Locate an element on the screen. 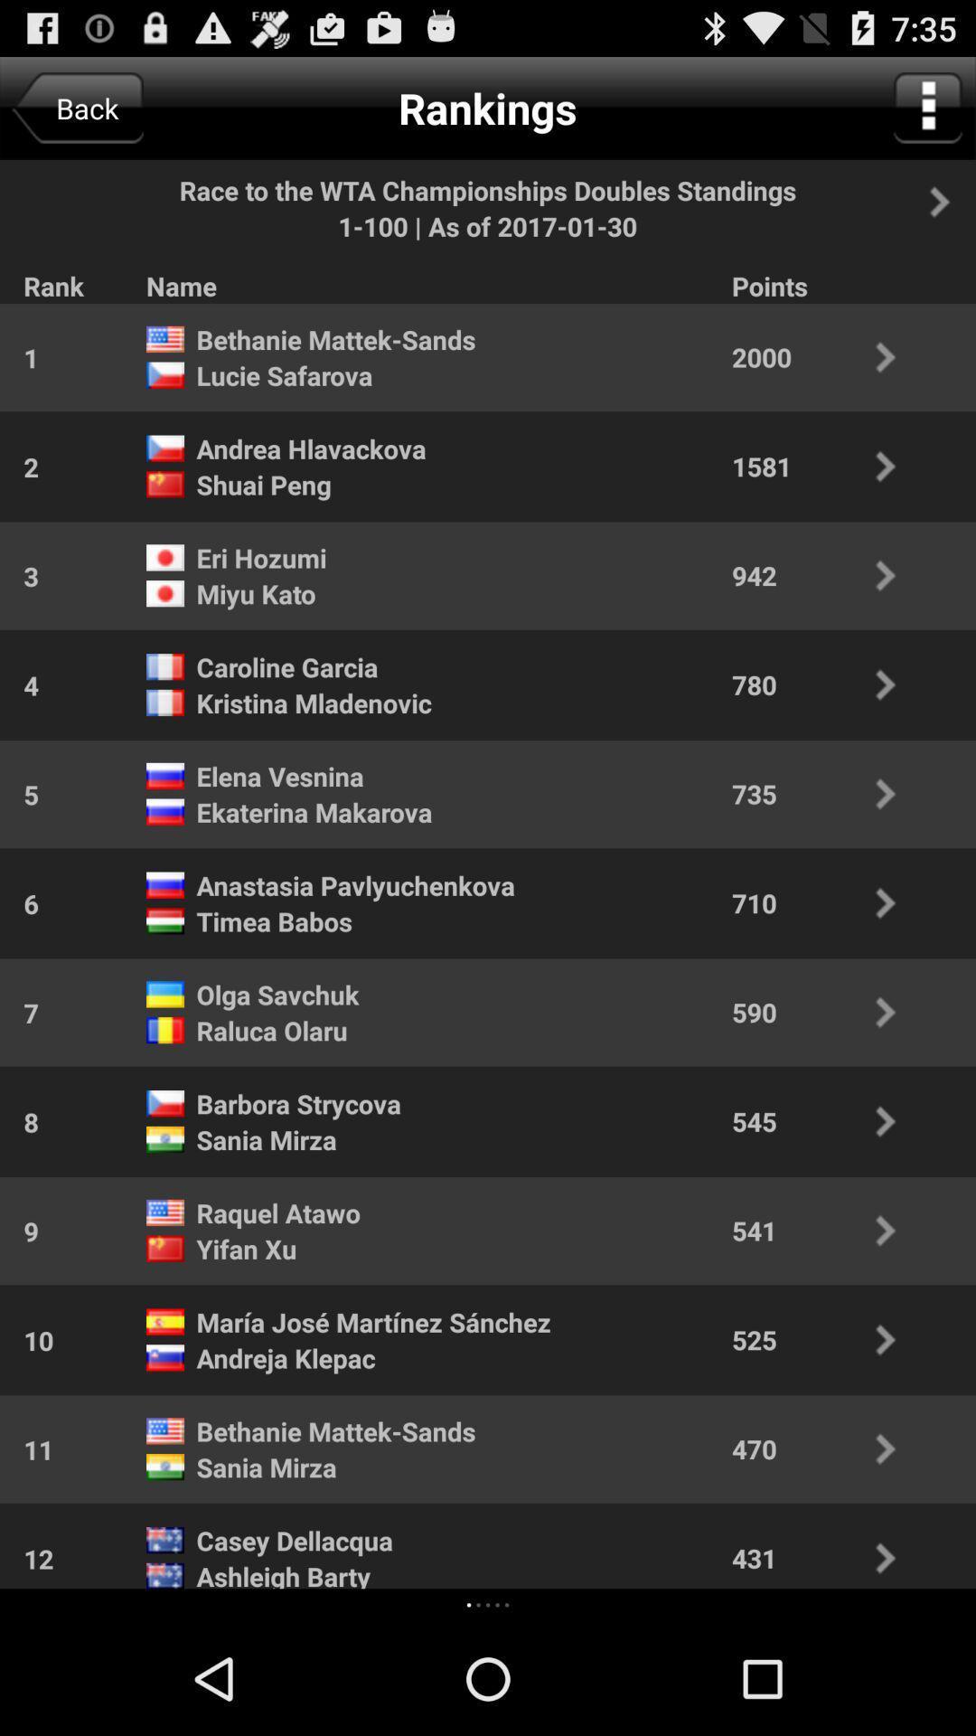  arrow is located at coordinates (949, 202).